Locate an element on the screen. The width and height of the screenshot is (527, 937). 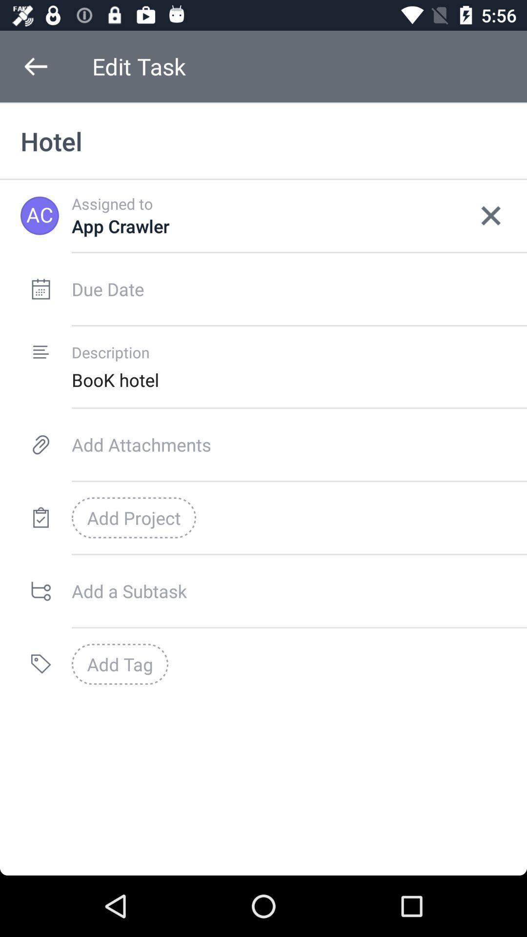
in box add a subtask enter the subtask text is located at coordinates (299, 591).